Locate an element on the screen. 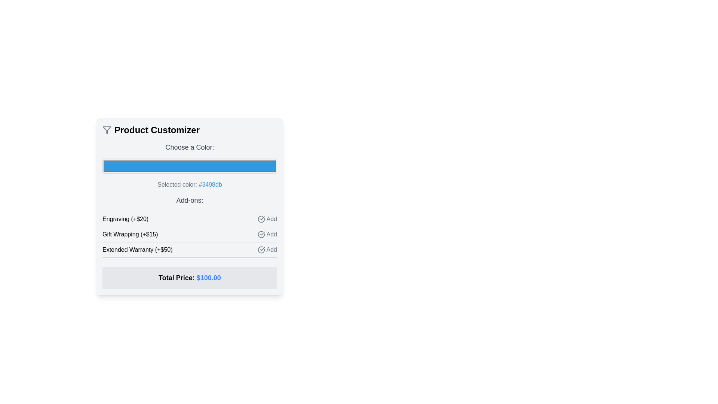  the Static Text element that labels the engraving service priced at $20, located in the 'Add-ons' section above the 'Gift Wrapping (+$15)' item is located at coordinates (125, 219).